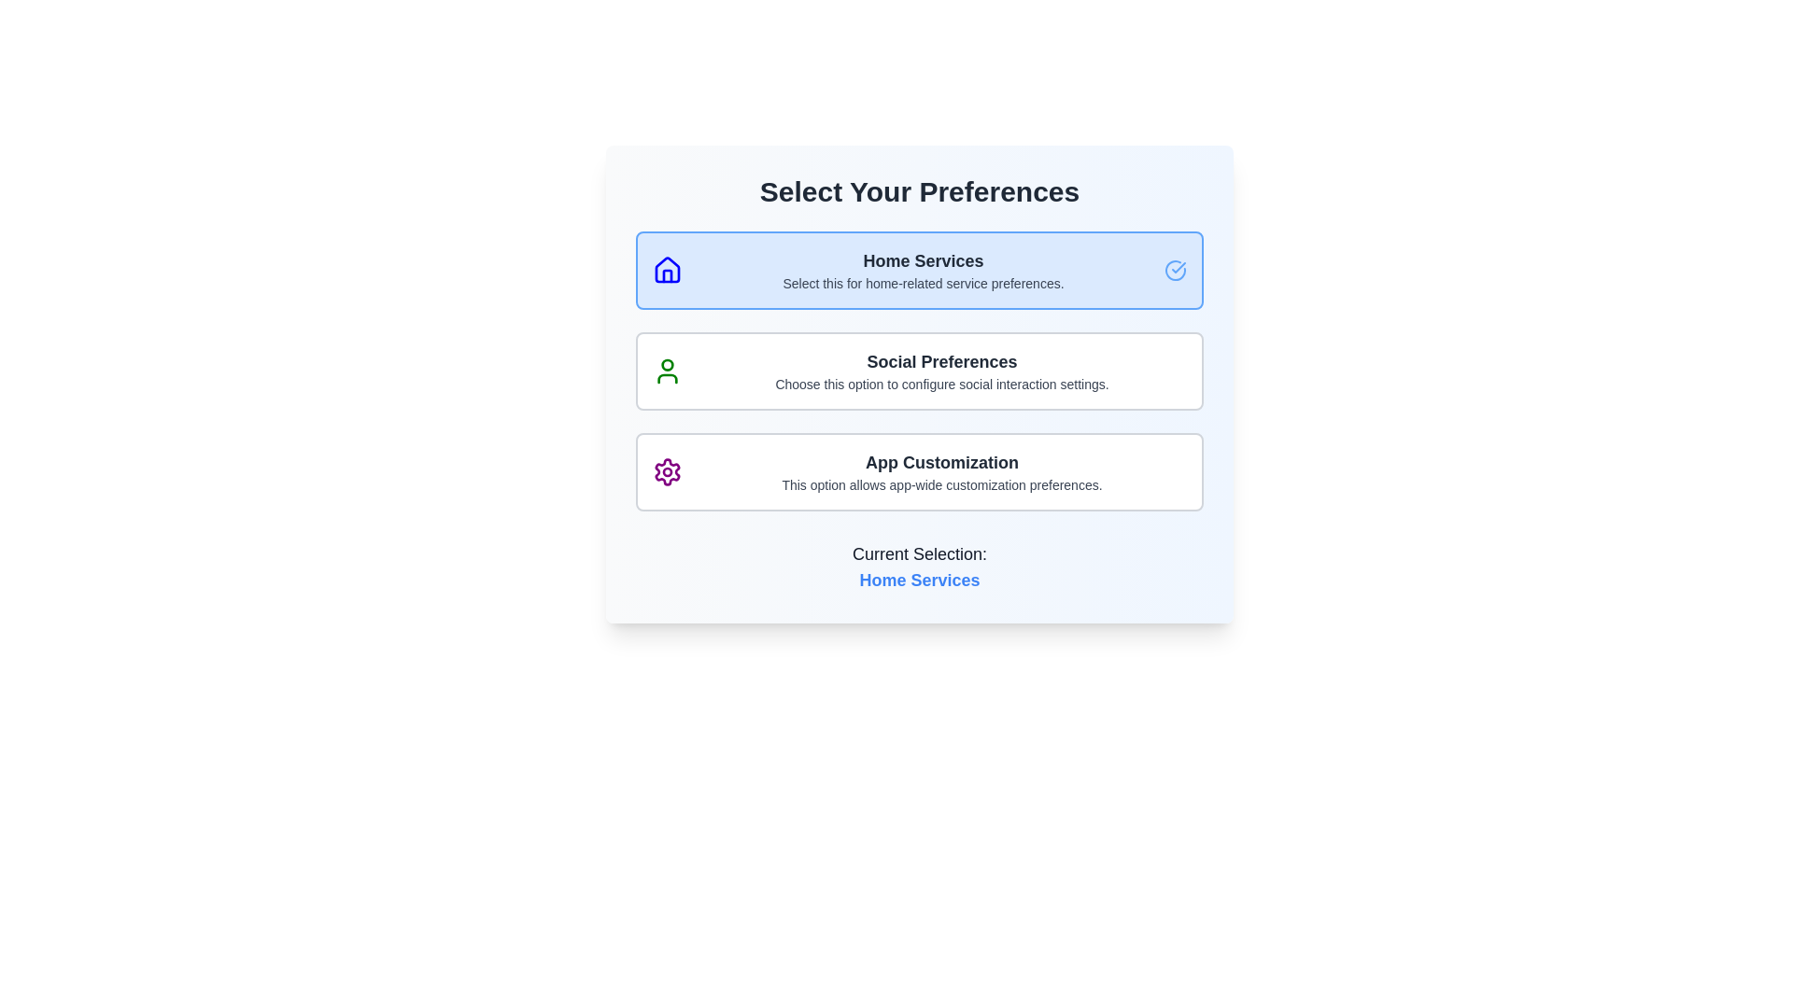 The image size is (1793, 1008). What do you see at coordinates (919, 470) in the screenshot?
I see `the 'App Customization' selectable card, which is the third card in a vertical list` at bounding box center [919, 470].